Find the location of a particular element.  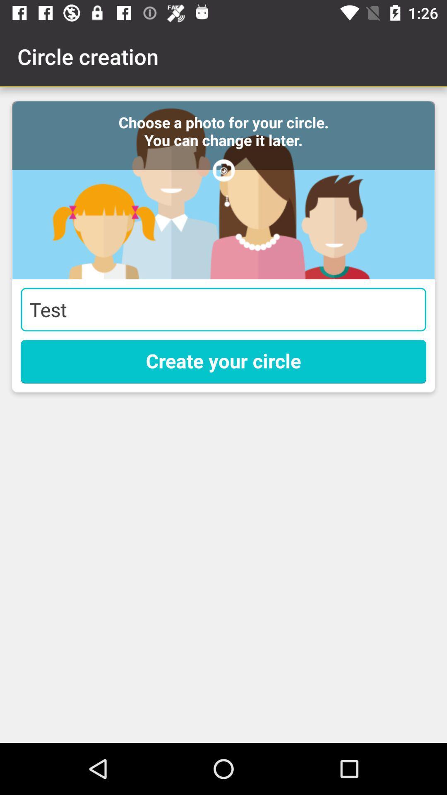

test is located at coordinates (223, 309).